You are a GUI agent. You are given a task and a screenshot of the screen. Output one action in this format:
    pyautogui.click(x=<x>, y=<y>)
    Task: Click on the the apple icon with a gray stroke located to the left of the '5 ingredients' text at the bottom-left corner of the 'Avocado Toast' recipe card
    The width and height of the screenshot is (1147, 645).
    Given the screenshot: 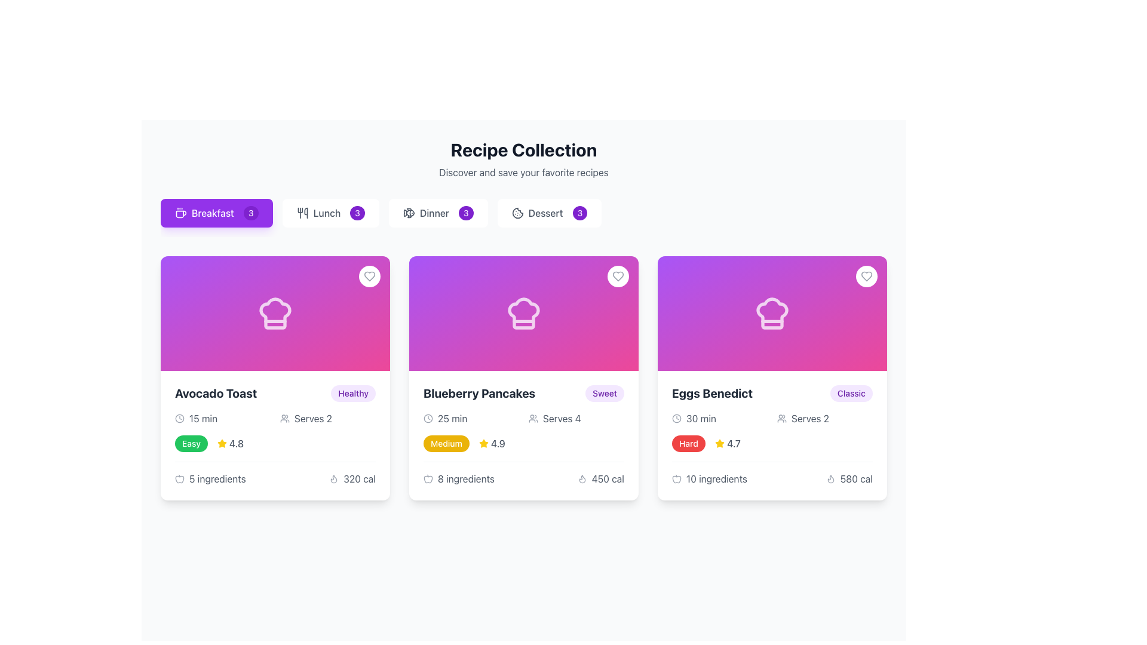 What is the action you would take?
    pyautogui.click(x=179, y=478)
    